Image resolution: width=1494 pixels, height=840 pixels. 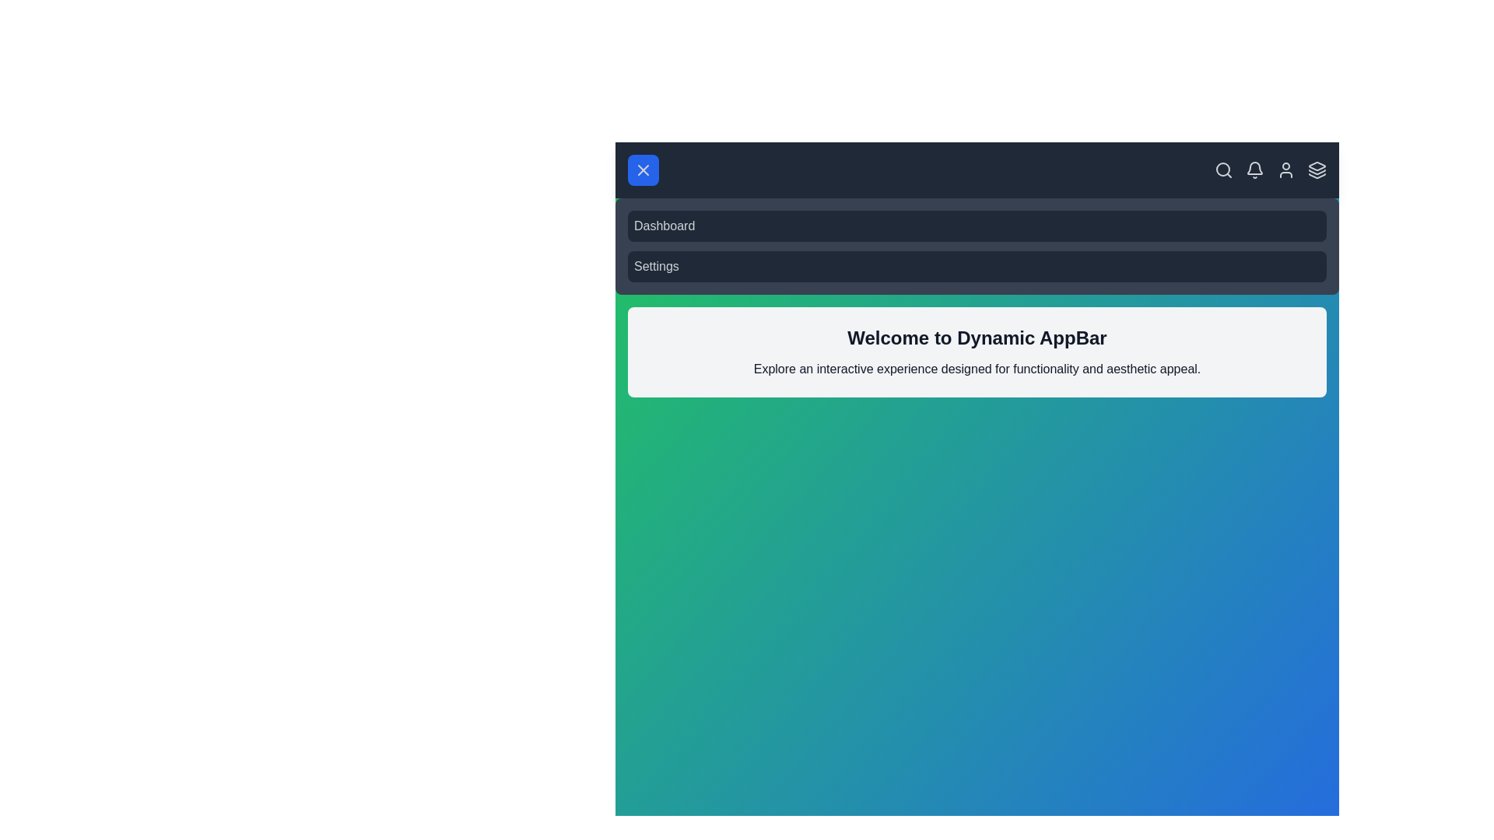 What do you see at coordinates (627, 226) in the screenshot?
I see `the Dashboard item in the navigation menu` at bounding box center [627, 226].